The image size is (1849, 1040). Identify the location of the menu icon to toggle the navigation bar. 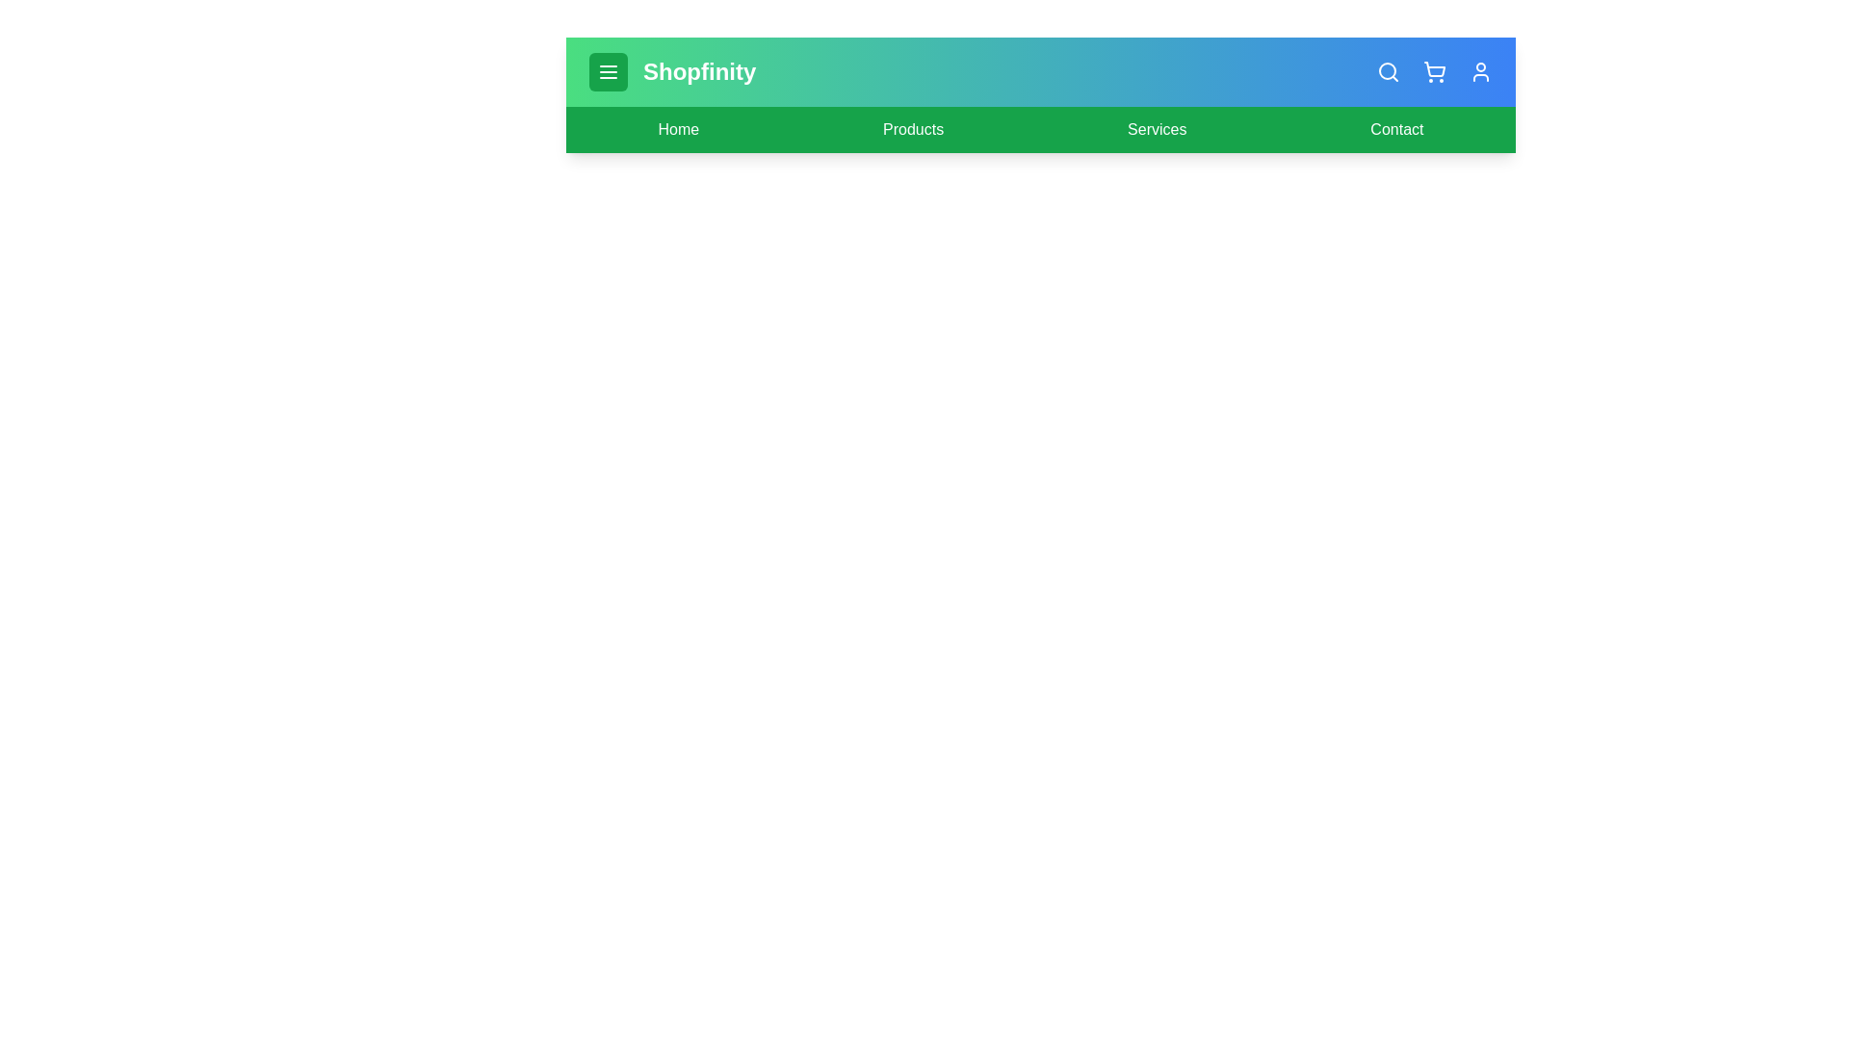
(608, 70).